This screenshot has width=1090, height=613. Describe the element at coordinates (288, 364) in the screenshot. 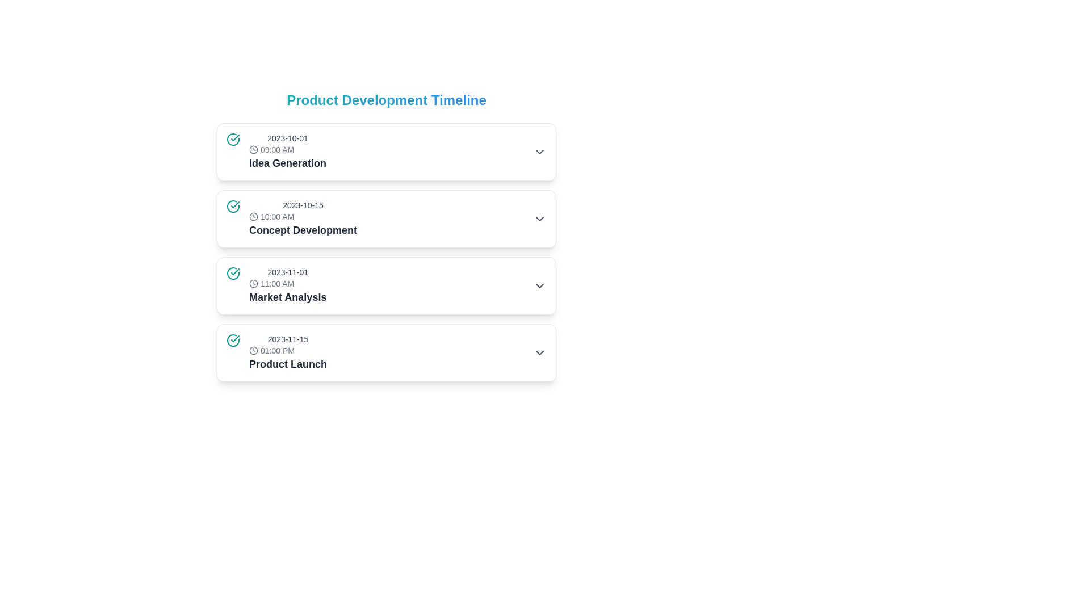

I see `the text label displaying 'Product Launch' in a bold font and dark gray color, which is the fourth item in a vertically aligned list of events` at that location.